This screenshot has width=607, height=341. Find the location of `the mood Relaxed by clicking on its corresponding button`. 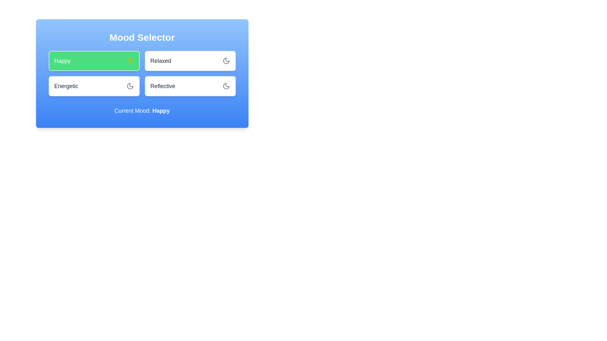

the mood Relaxed by clicking on its corresponding button is located at coordinates (190, 61).